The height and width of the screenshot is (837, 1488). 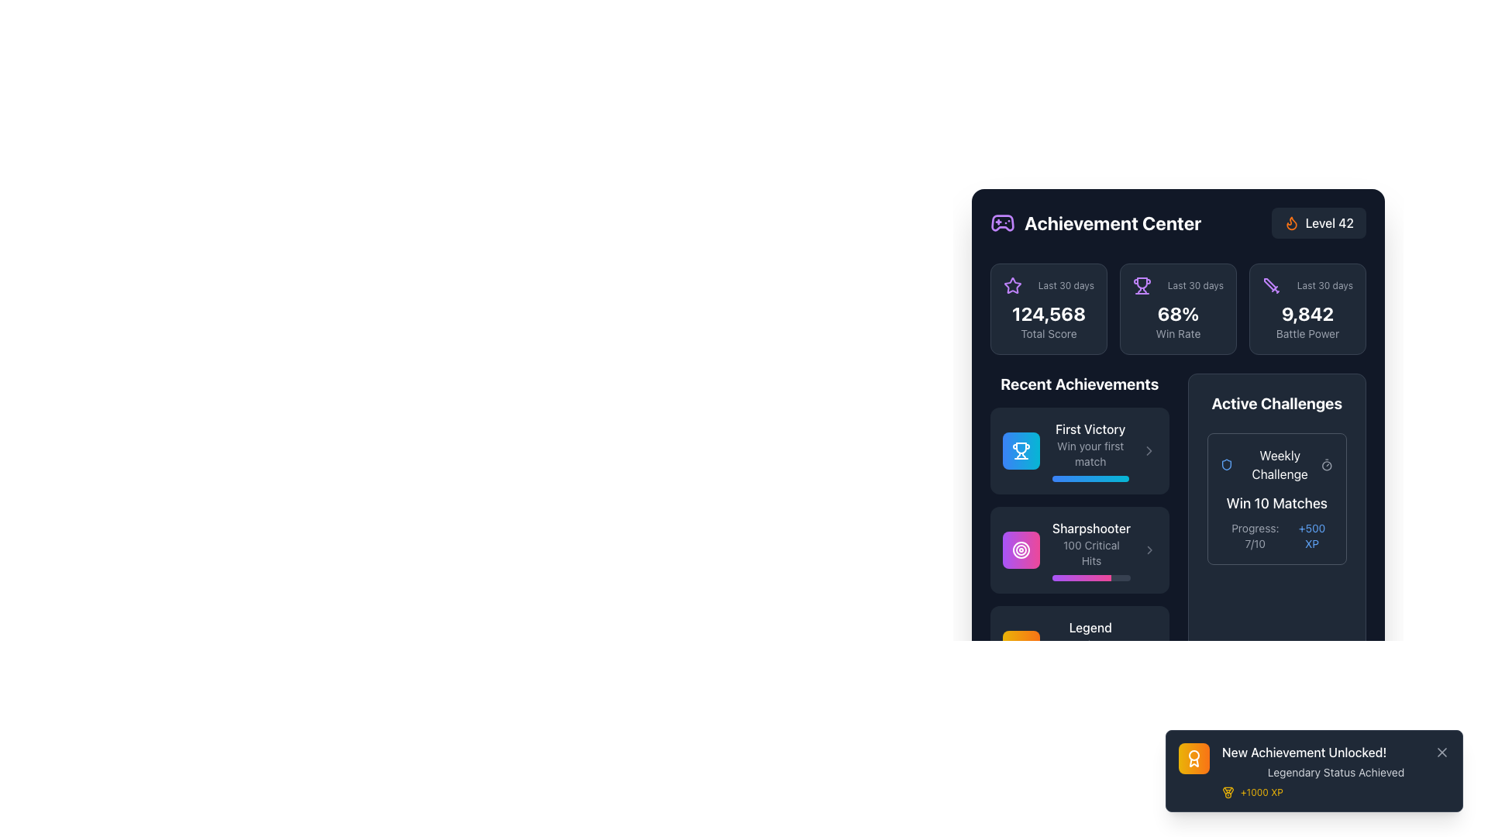 What do you see at coordinates (1021, 649) in the screenshot?
I see `the vibrant crown SVG icon located near the bottom center of the 'Recent Achievements' list, positioned beneath the 'Legend' section` at bounding box center [1021, 649].